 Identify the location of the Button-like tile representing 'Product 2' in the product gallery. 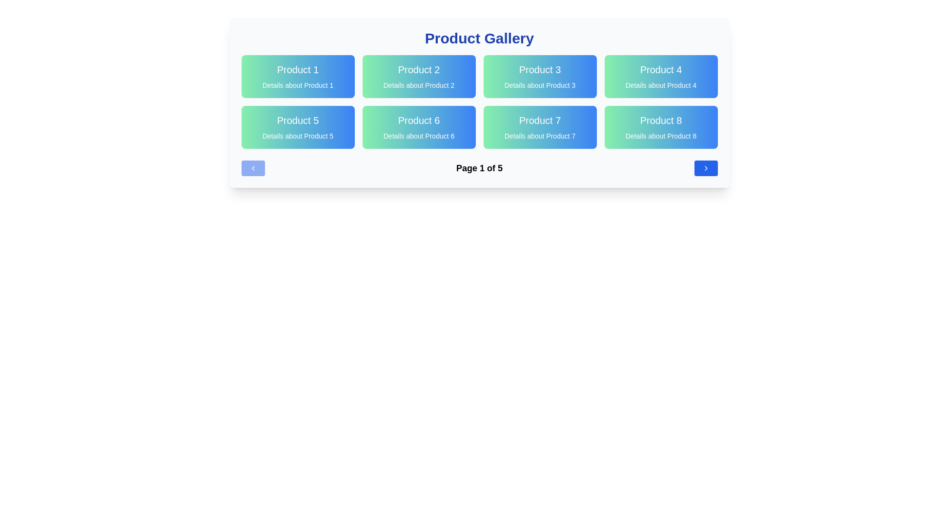
(419, 76).